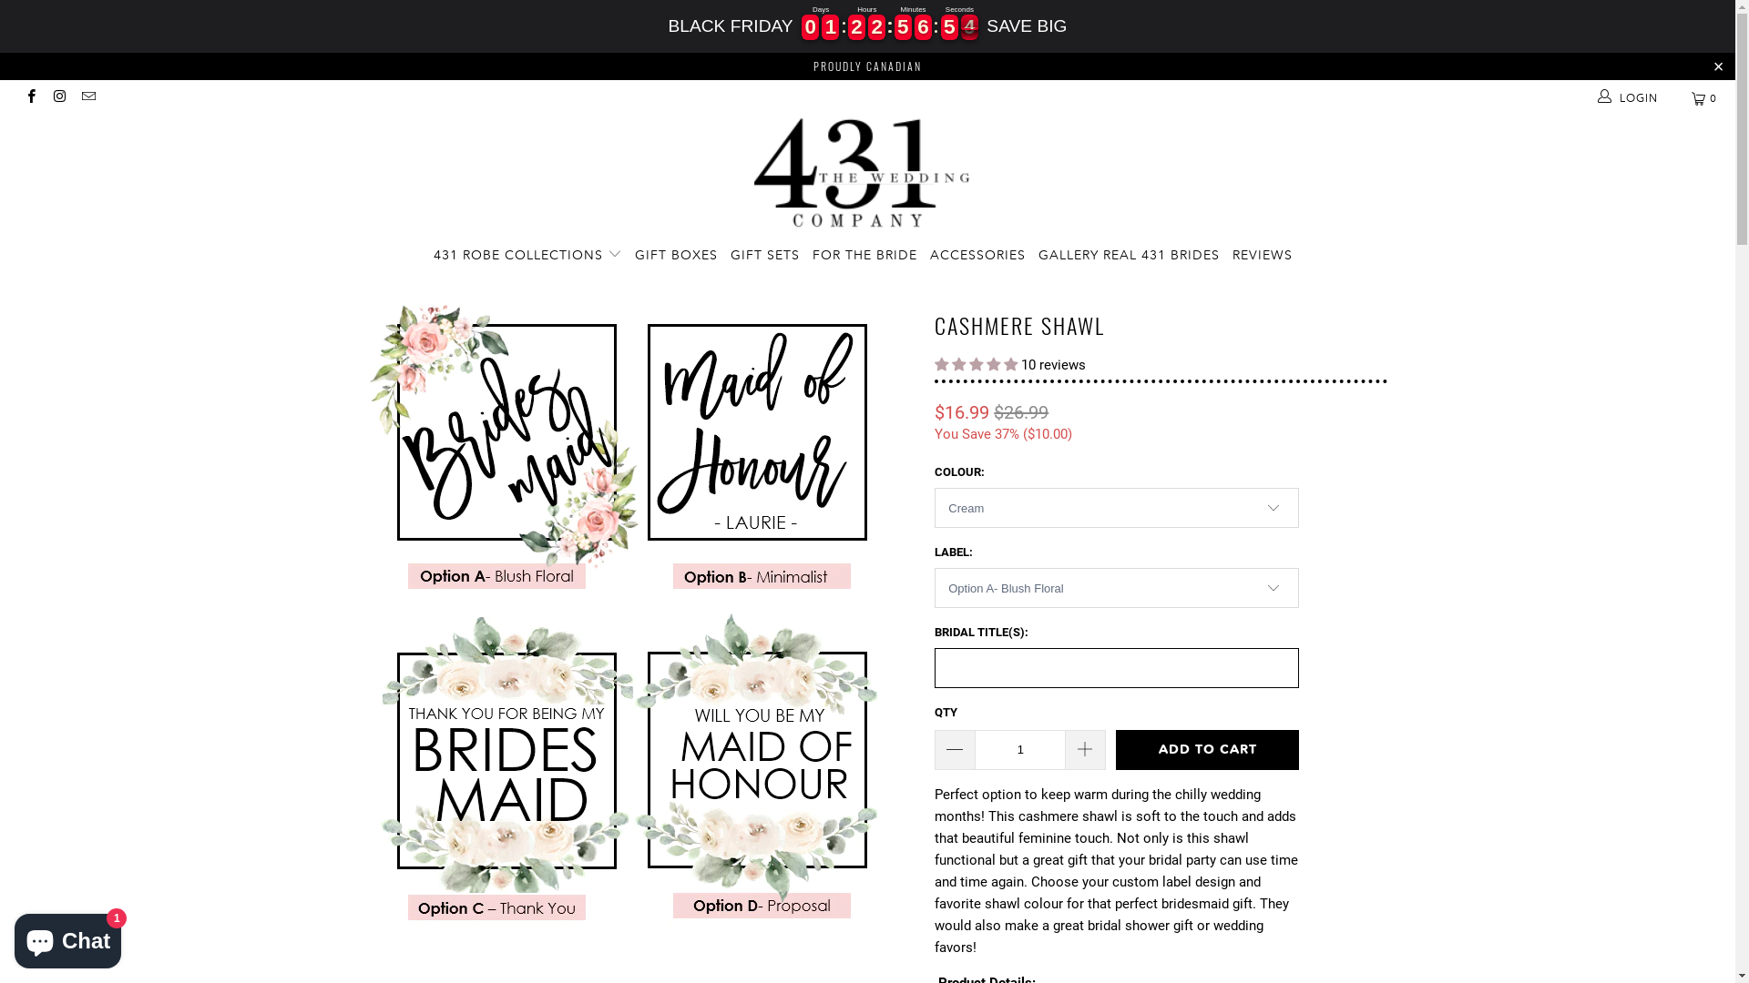 Image resolution: width=1749 pixels, height=983 pixels. What do you see at coordinates (87, 98) in the screenshot?
I see `'Email 431 The Wedding Company'` at bounding box center [87, 98].